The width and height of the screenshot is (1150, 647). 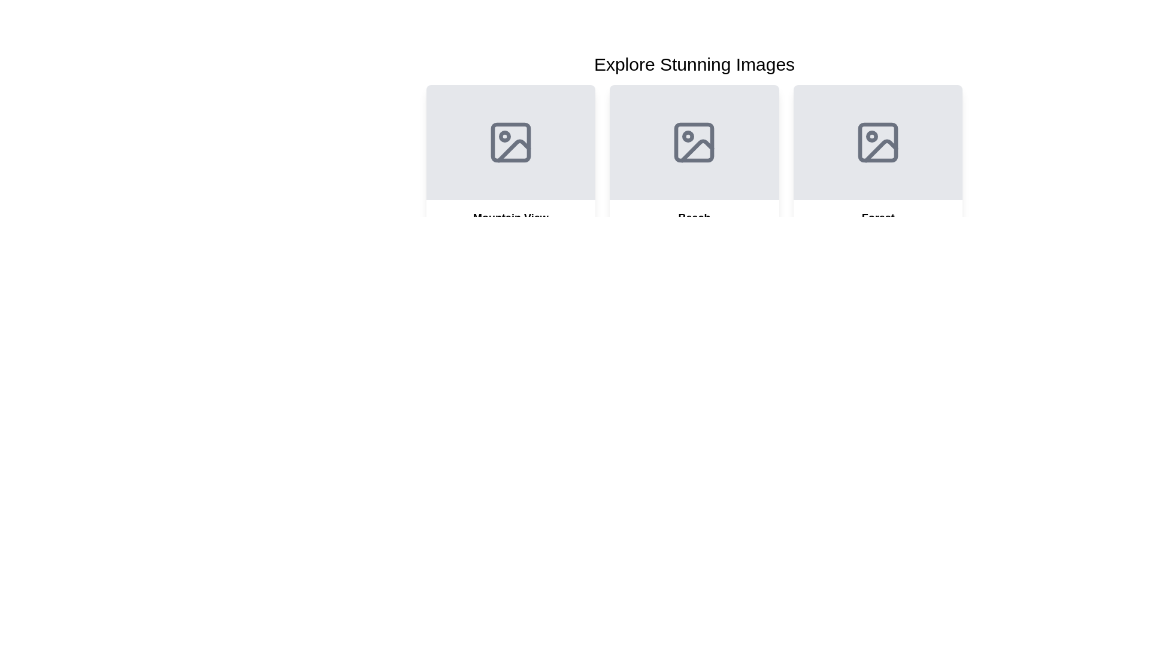 What do you see at coordinates (878, 142) in the screenshot?
I see `the 'Forest' SVG icon, which is a picture frame with a gray color and is the rightmost icon in a row of three` at bounding box center [878, 142].